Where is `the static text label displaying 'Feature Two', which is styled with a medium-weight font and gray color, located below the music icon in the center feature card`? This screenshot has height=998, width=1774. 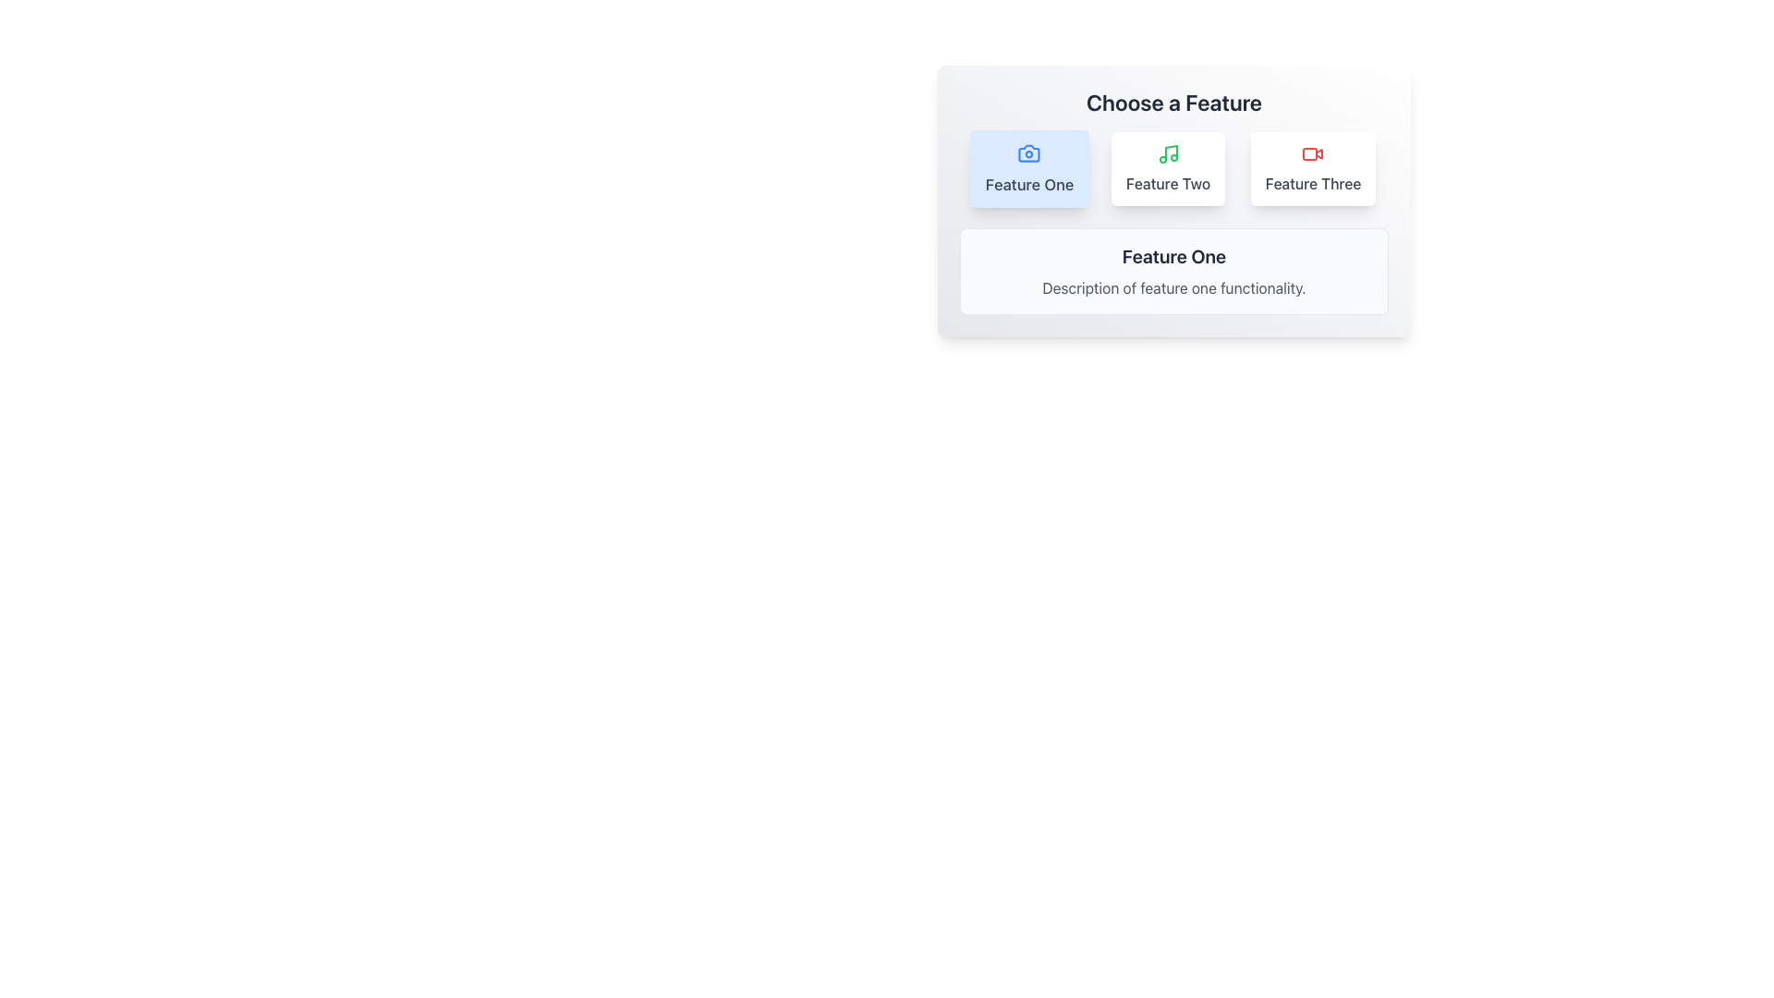 the static text label displaying 'Feature Two', which is styled with a medium-weight font and gray color, located below the music icon in the center feature card is located at coordinates (1167, 184).